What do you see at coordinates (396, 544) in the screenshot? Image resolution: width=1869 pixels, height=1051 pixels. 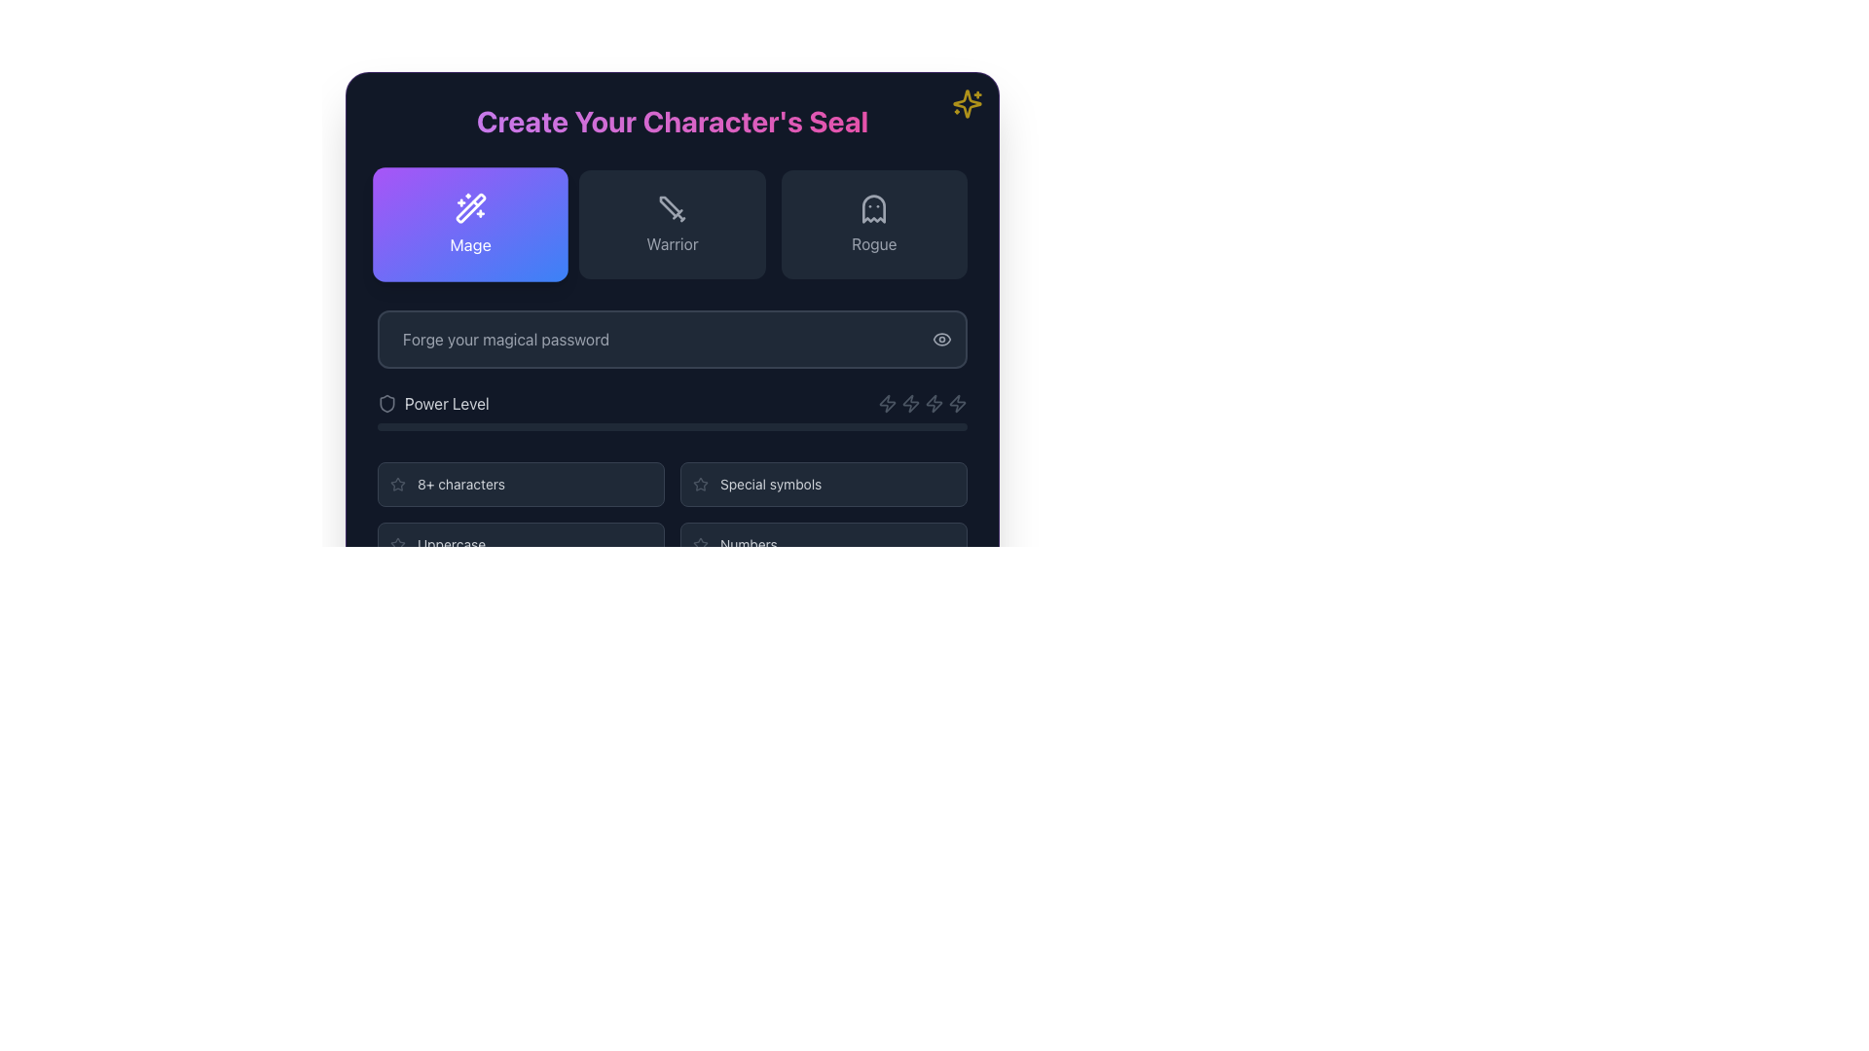 I see `the star-shaped icon with a simple outline, located to the left of the label text 'Uppercase'` at bounding box center [396, 544].